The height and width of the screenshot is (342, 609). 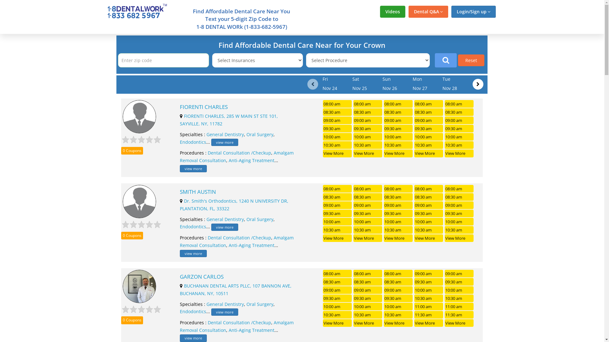 I want to click on 'General Dentistry', so click(x=206, y=134).